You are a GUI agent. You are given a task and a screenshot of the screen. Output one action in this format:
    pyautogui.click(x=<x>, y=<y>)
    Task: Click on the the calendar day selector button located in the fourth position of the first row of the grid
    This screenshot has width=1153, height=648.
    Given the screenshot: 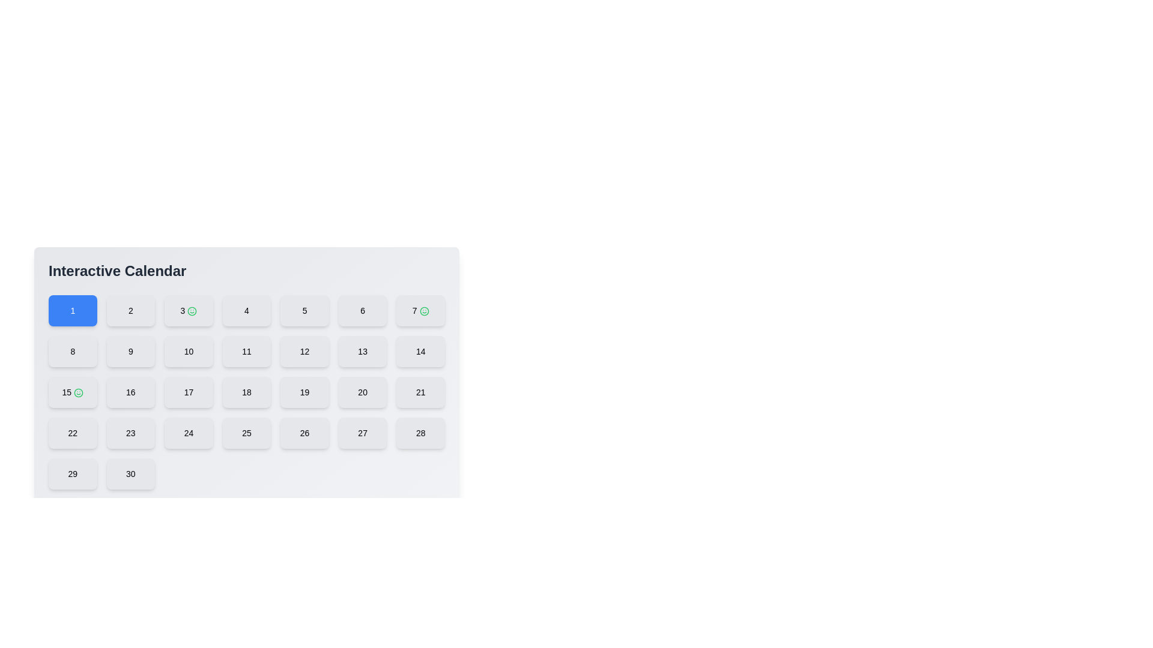 What is the action you would take?
    pyautogui.click(x=246, y=310)
    